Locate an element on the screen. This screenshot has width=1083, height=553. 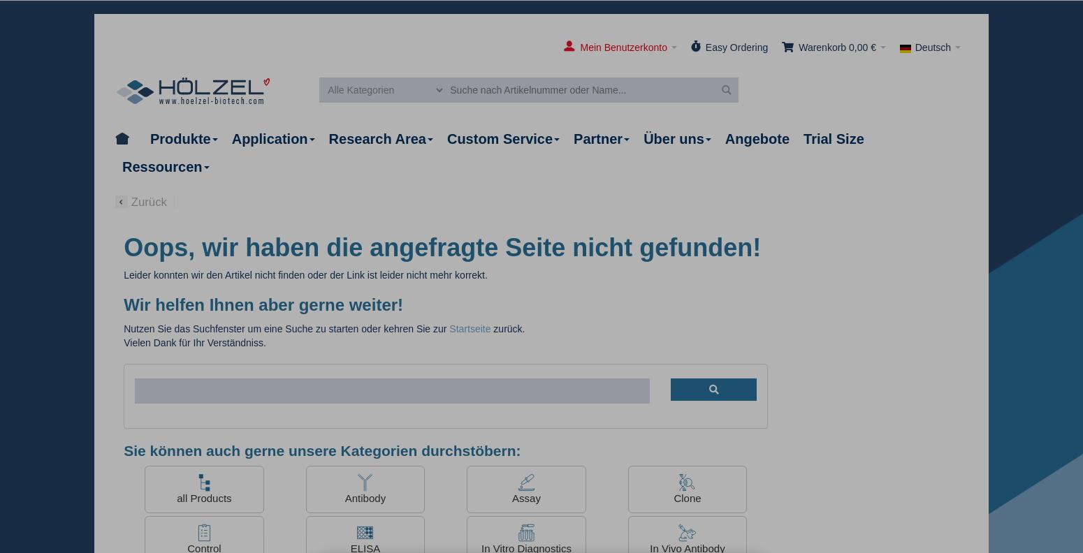
'Sie können auch gerne unsere Kategorien durchstöbern:' is located at coordinates (123, 449).